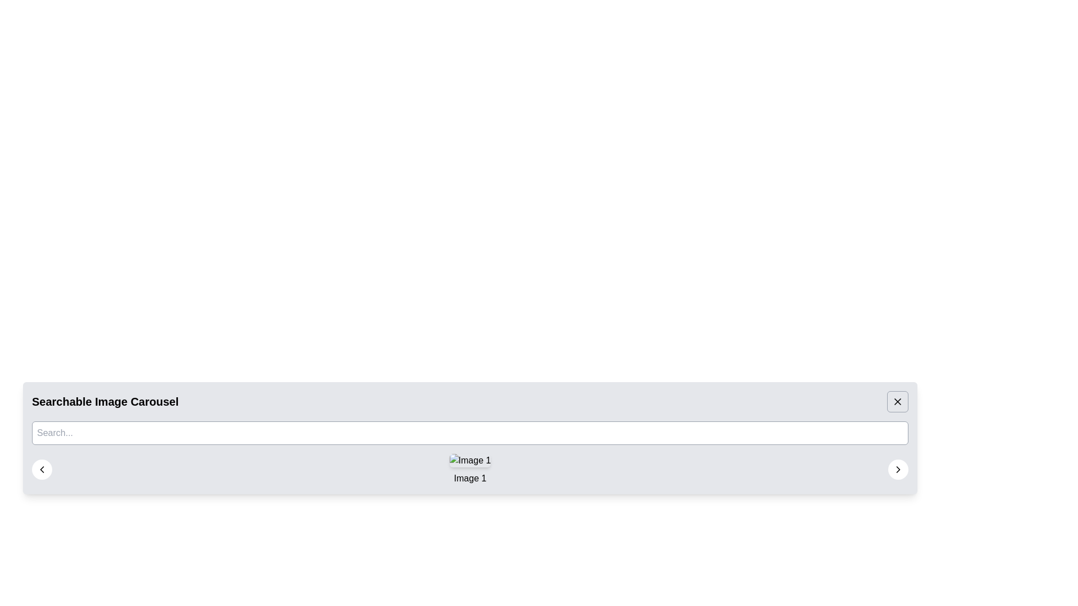 The width and height of the screenshot is (1078, 606). What do you see at coordinates (897, 401) in the screenshot?
I see `the 'X' icon located at the top-right corner of the search bar interface` at bounding box center [897, 401].